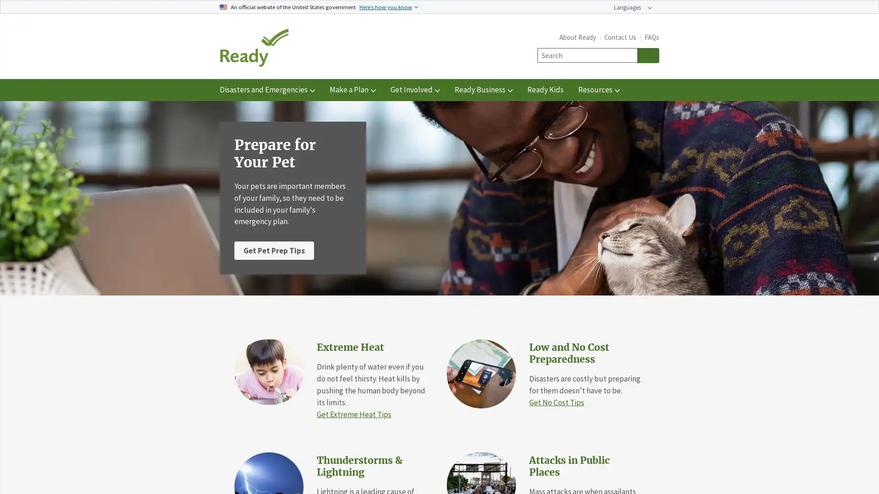 The image size is (879, 494). Describe the element at coordinates (632, 7) in the screenshot. I see `Languages` at that location.